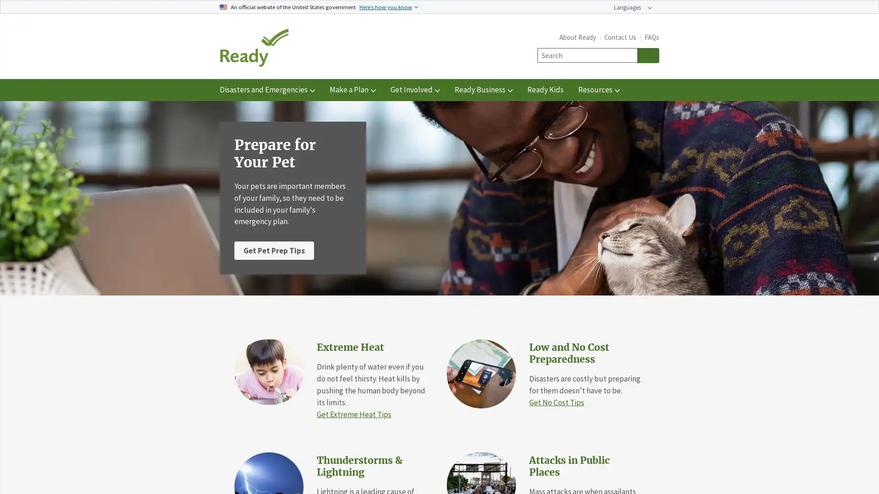 The image size is (879, 494). Describe the element at coordinates (632, 7) in the screenshot. I see `Languages` at that location.